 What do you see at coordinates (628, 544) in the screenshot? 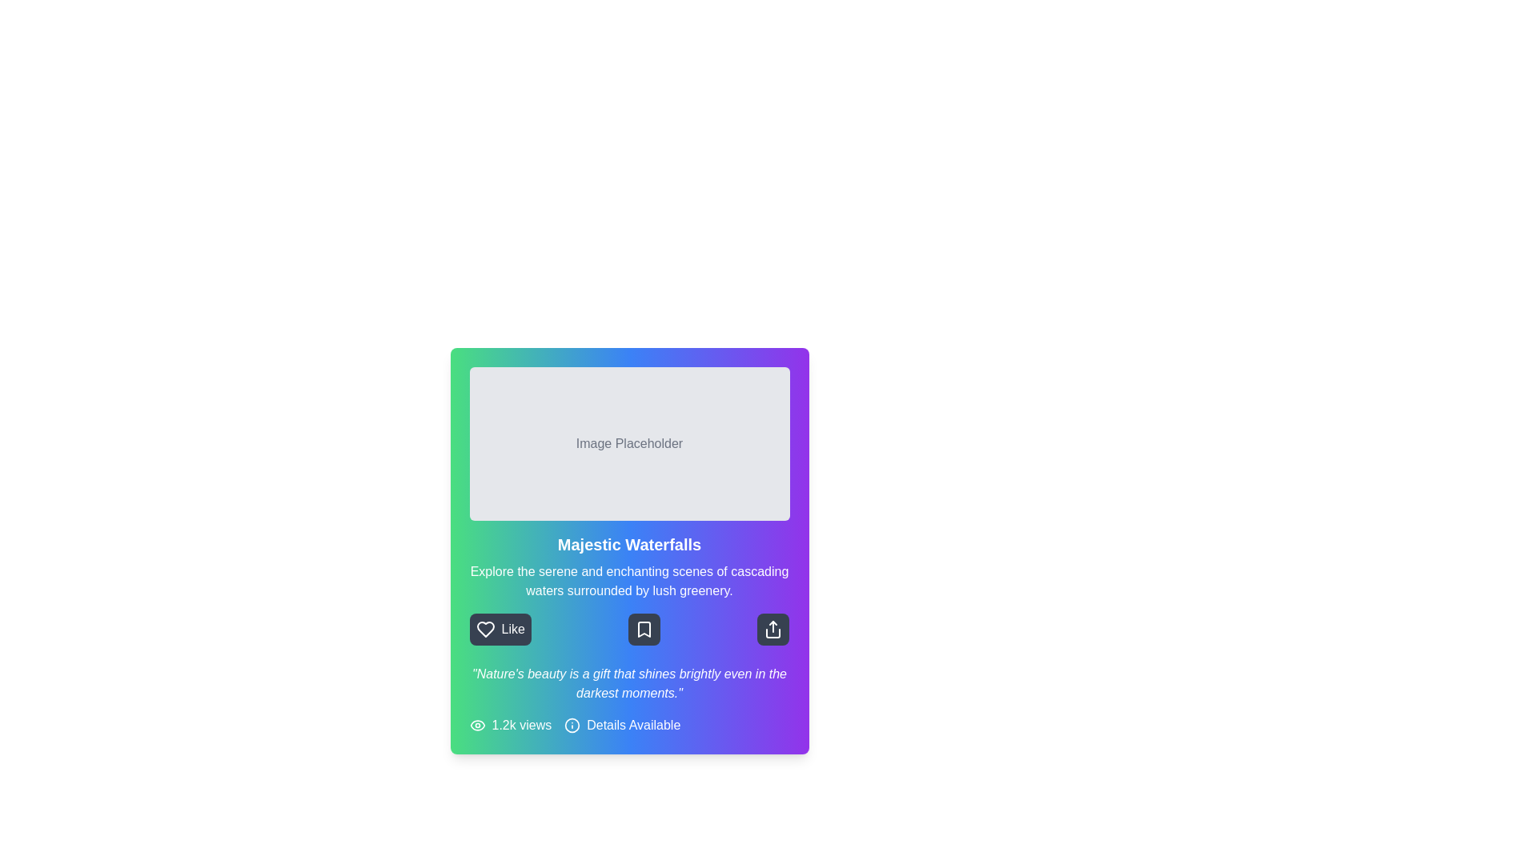
I see `the title text element that displays the main topic or theme, located below the placeholder image and above the description text within the card component` at bounding box center [628, 544].